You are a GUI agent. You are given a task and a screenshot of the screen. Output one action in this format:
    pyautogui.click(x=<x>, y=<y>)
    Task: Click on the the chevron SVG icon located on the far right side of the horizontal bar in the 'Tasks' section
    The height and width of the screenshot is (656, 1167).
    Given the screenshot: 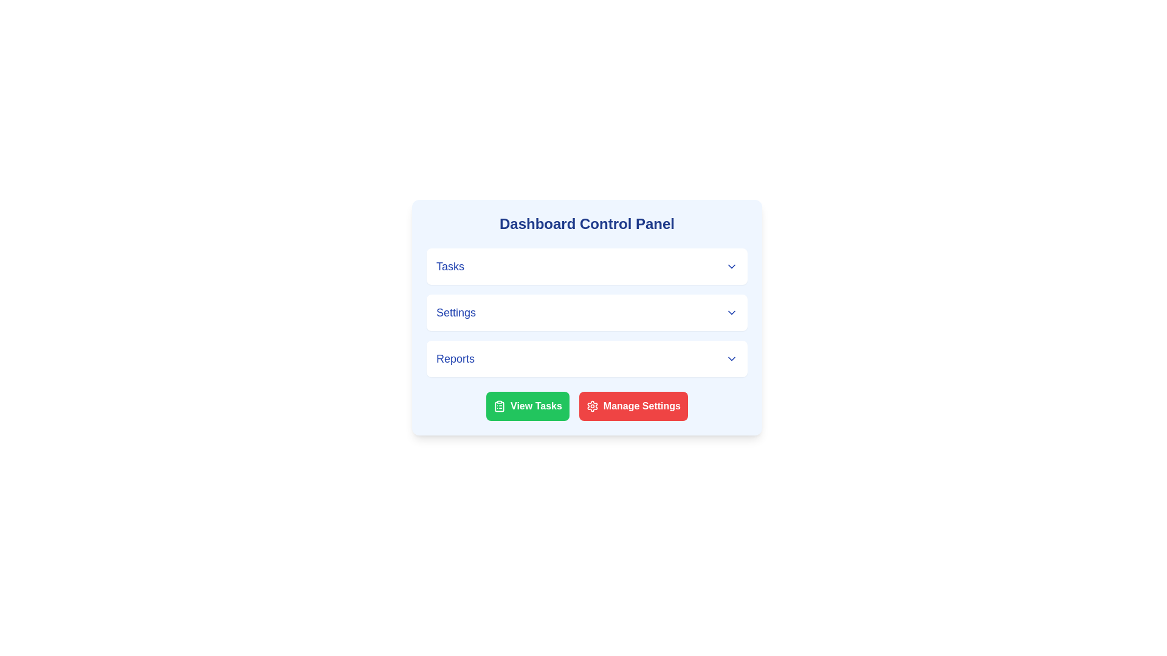 What is the action you would take?
    pyautogui.click(x=731, y=266)
    